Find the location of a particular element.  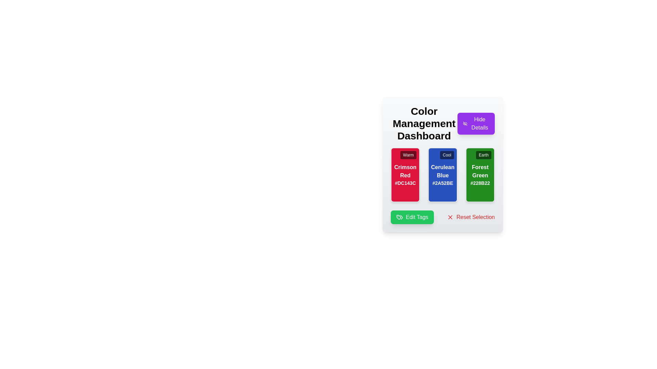

the Card element displaying 'Cerulean Blue' with a blue background and the overlay text 'Cool' in the top-right corner is located at coordinates (443, 175).